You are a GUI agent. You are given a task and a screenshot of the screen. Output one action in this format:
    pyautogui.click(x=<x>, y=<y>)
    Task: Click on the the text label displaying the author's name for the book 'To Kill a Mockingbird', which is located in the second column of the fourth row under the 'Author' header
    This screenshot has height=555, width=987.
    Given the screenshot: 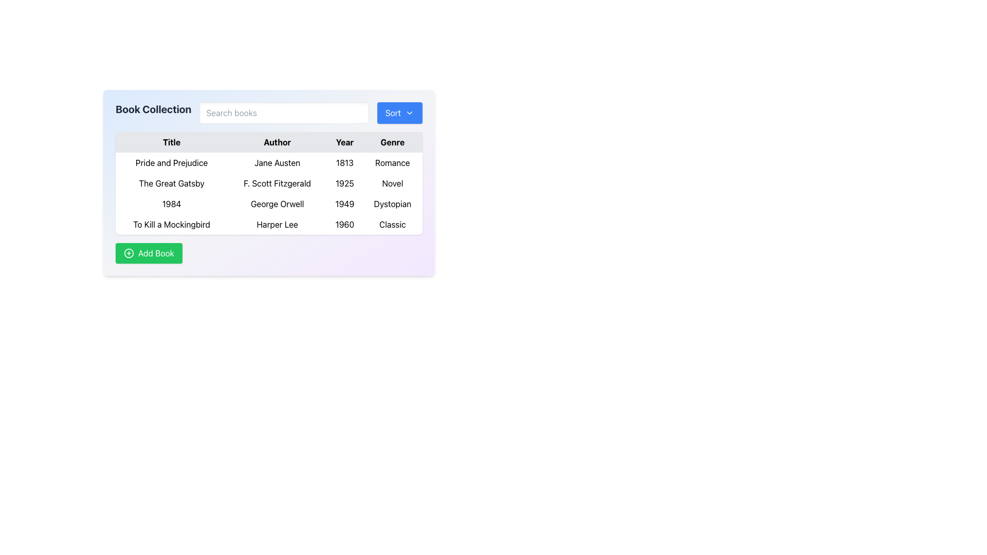 What is the action you would take?
    pyautogui.click(x=277, y=224)
    